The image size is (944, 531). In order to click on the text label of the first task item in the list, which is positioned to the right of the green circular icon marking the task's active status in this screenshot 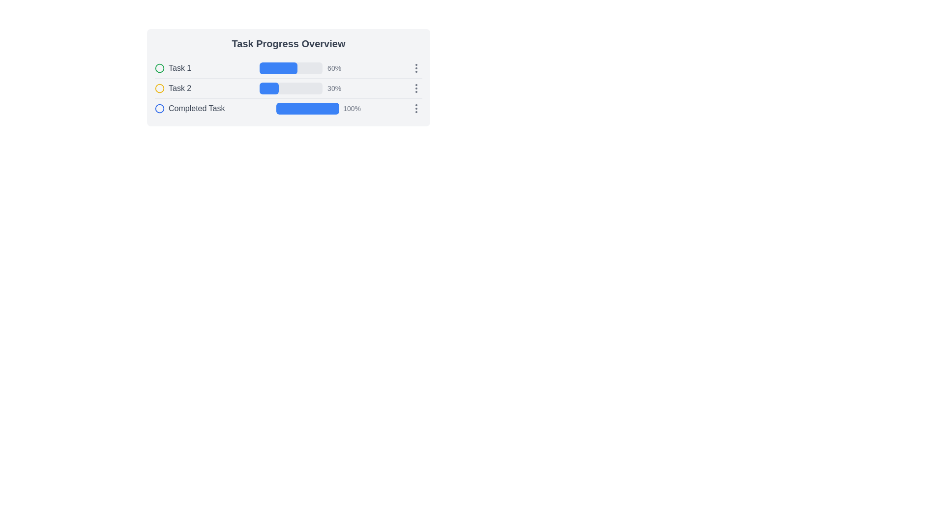, I will do `click(180, 67)`.